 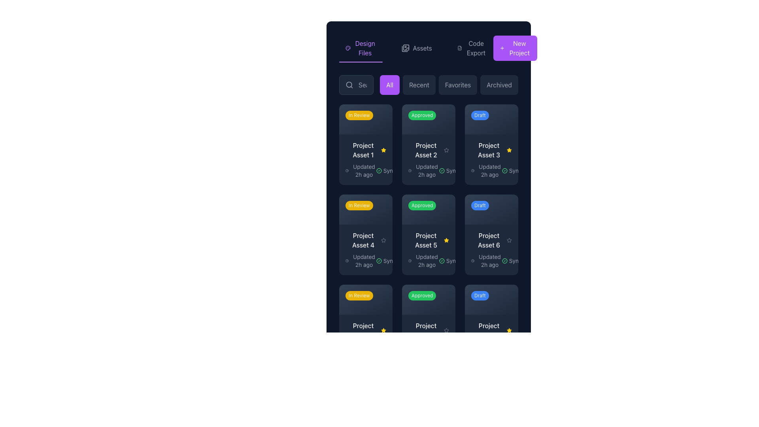 What do you see at coordinates (446, 240) in the screenshot?
I see `the favorite icon located on the right side of the text 'Project Asset 5' in the card titled 'Project Asset 5'` at bounding box center [446, 240].